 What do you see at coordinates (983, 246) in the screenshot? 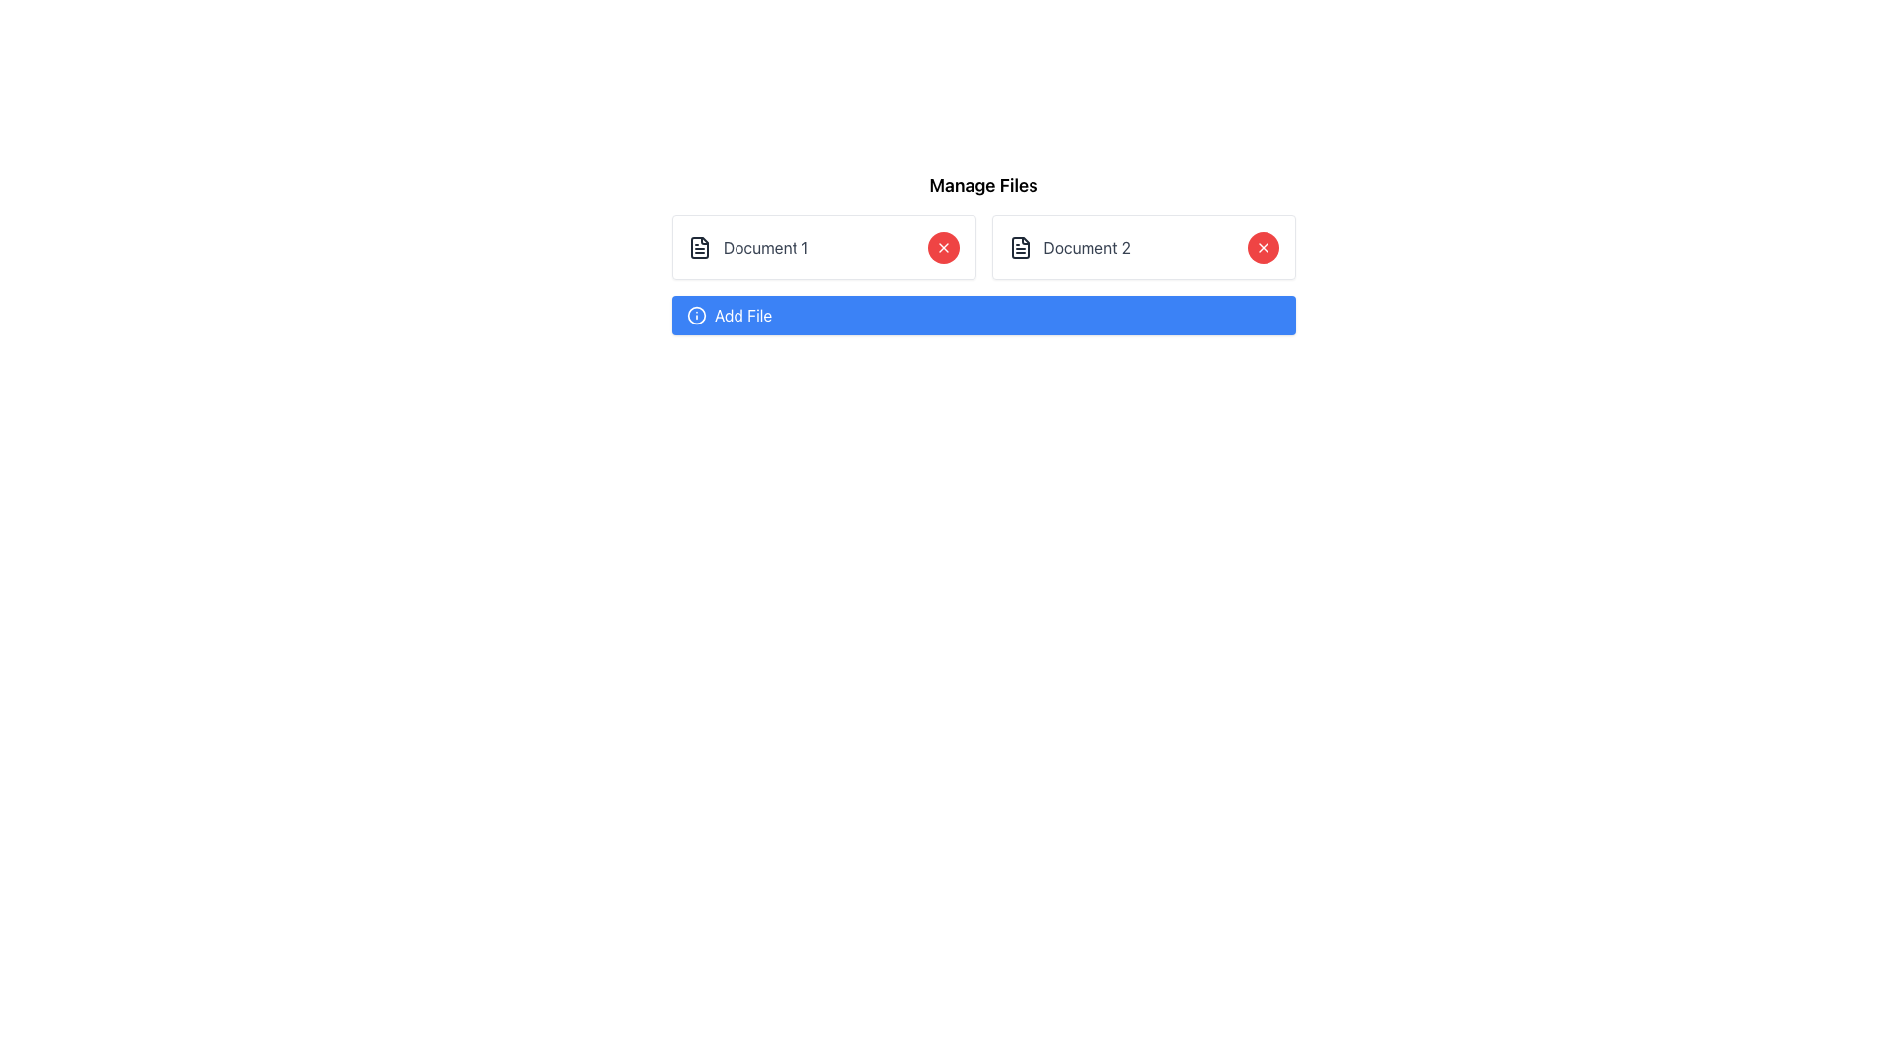
I see `the grid layout that contains two document items under the title 'Manage Files'` at bounding box center [983, 246].